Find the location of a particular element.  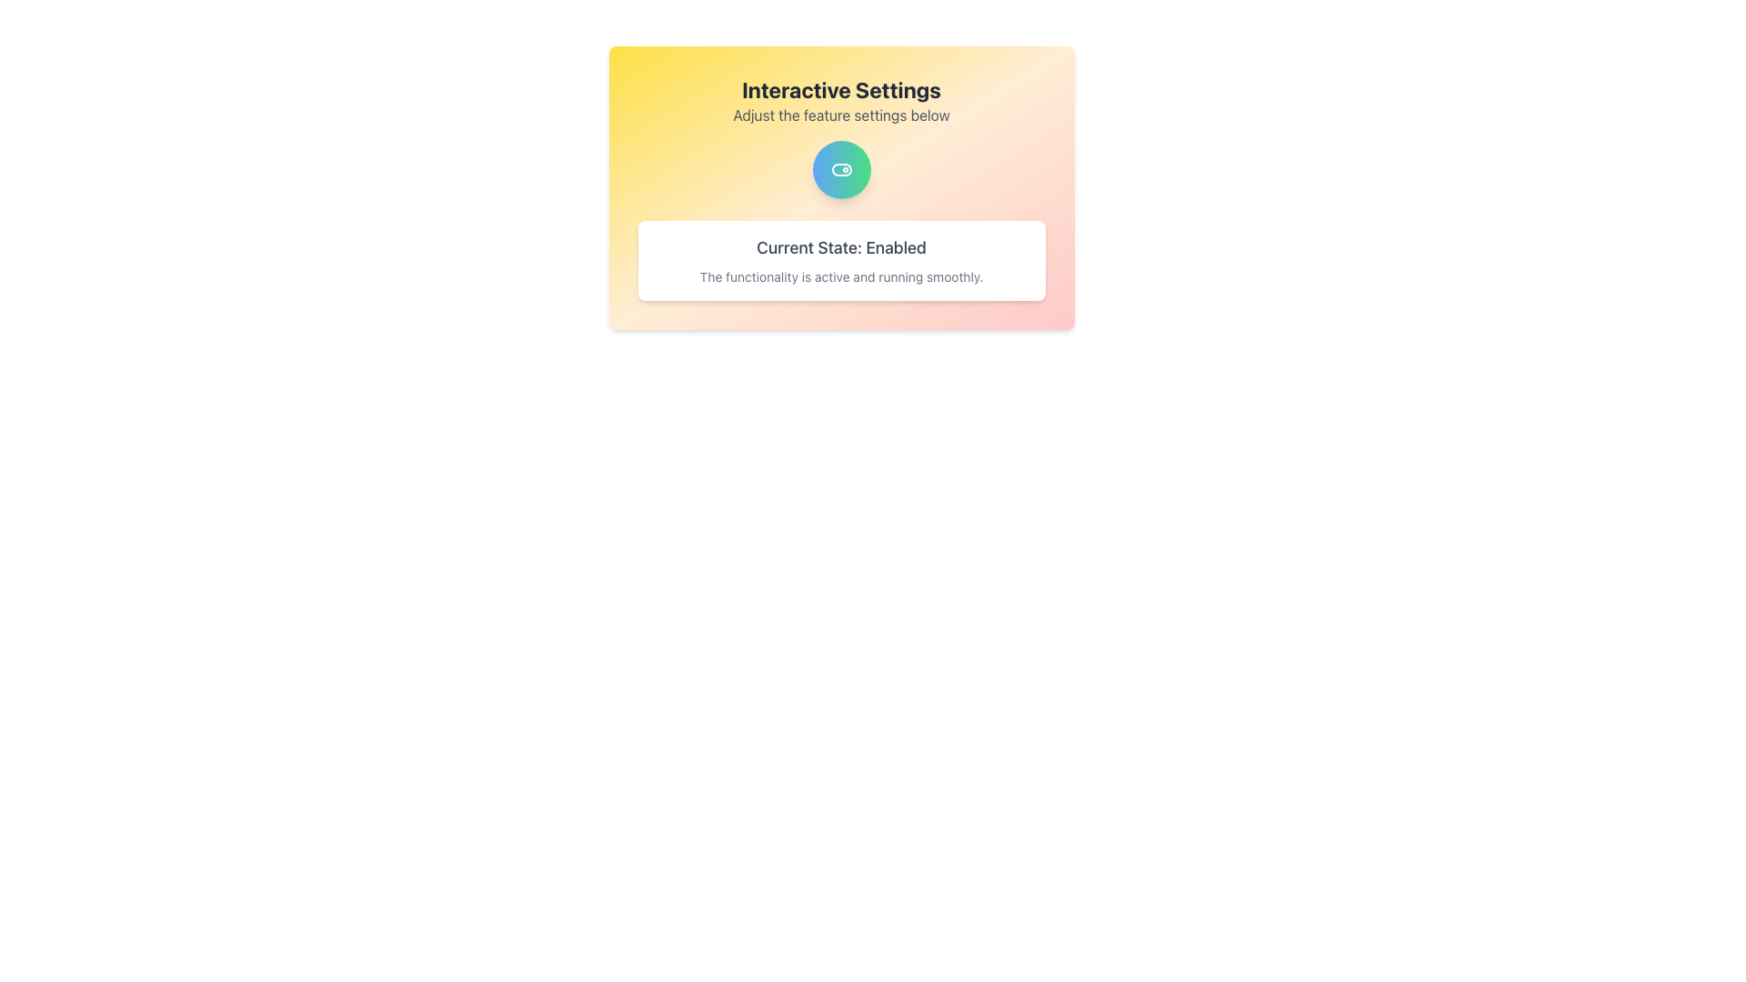

the circular toggle button with a gradient background that transitions from blue to green is located at coordinates (840, 169).